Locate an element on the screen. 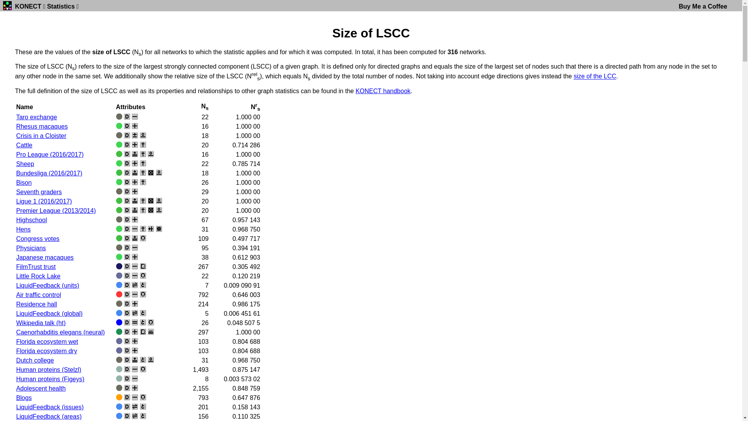 The image size is (748, 421). 'Ligue 1 (2016/2017)' is located at coordinates (16, 201).